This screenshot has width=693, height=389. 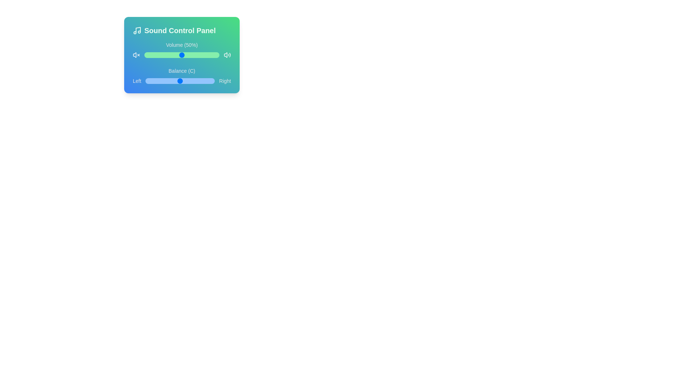 What do you see at coordinates (198, 81) in the screenshot?
I see `balance` at bounding box center [198, 81].